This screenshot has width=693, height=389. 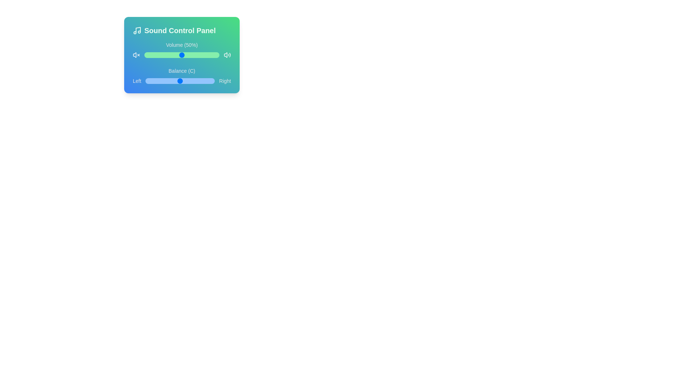 What do you see at coordinates (198, 81) in the screenshot?
I see `balance` at bounding box center [198, 81].